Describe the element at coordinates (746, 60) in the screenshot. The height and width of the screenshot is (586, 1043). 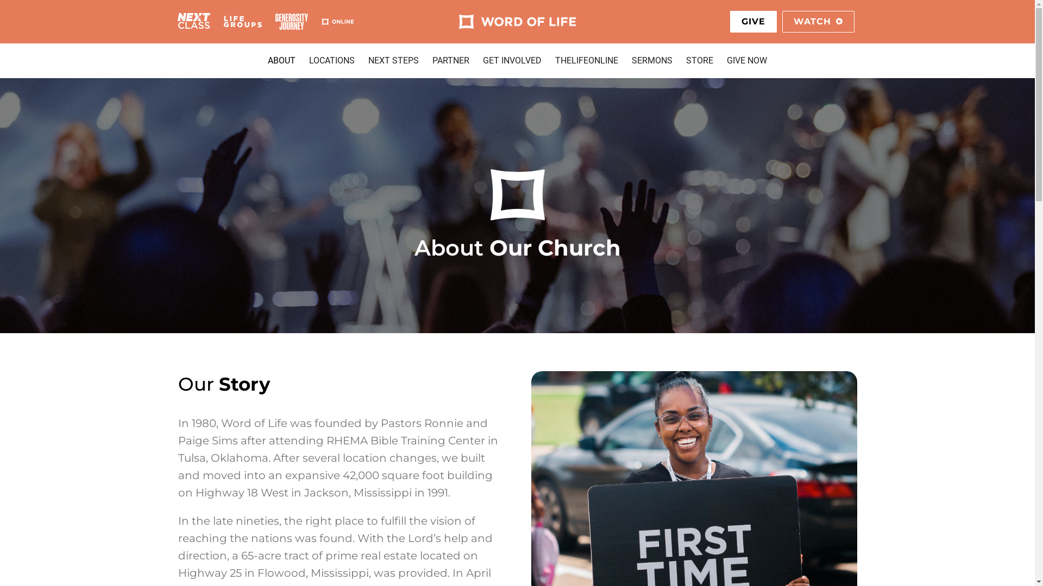
I see `'GIVE NOW'` at that location.